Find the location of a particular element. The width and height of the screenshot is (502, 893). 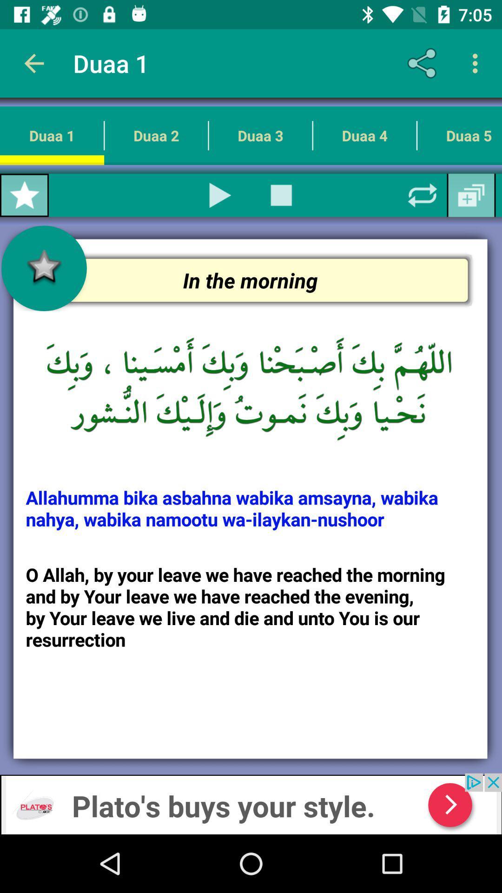

stop playing is located at coordinates (281, 195).